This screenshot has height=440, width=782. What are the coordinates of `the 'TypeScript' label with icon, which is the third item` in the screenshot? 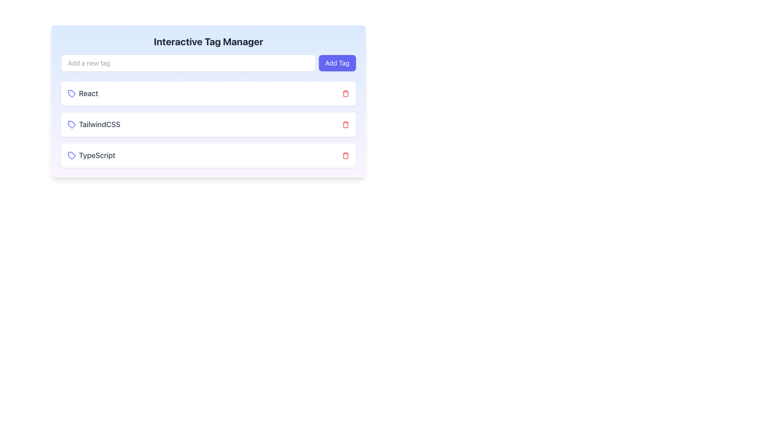 It's located at (91, 155).